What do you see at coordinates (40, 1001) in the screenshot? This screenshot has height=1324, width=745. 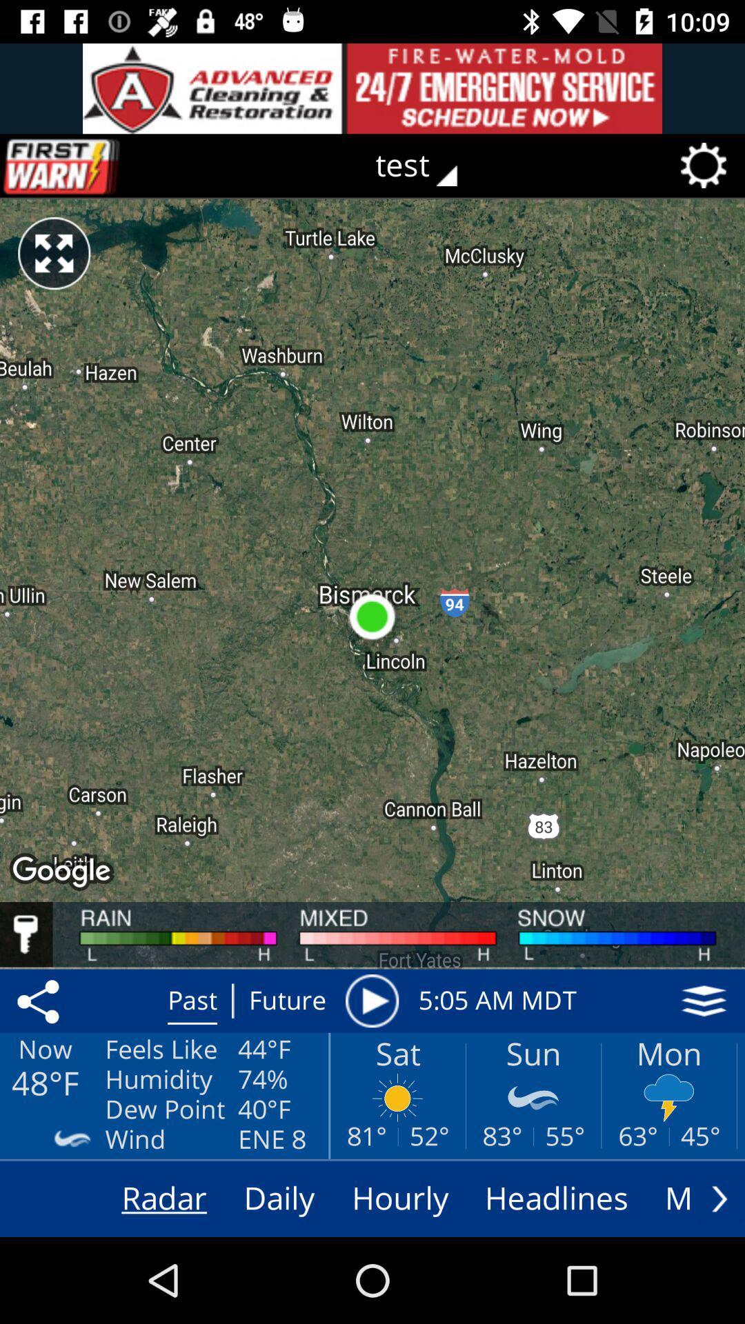 I see `share link` at bounding box center [40, 1001].